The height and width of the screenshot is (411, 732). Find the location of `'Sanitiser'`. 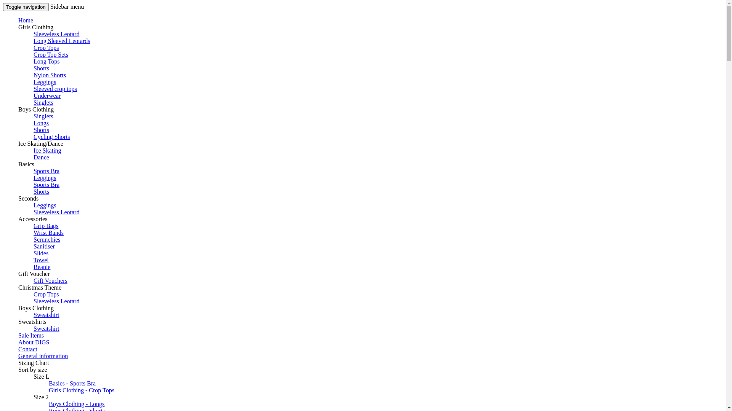

'Sanitiser' is located at coordinates (43, 246).